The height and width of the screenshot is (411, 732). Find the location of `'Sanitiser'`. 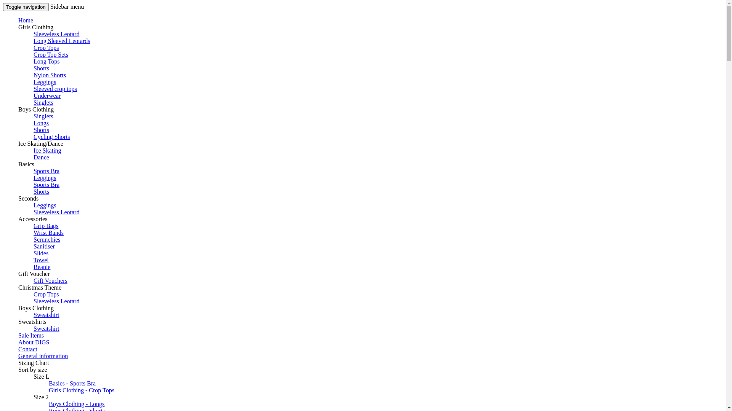

'Sanitiser' is located at coordinates (43, 246).